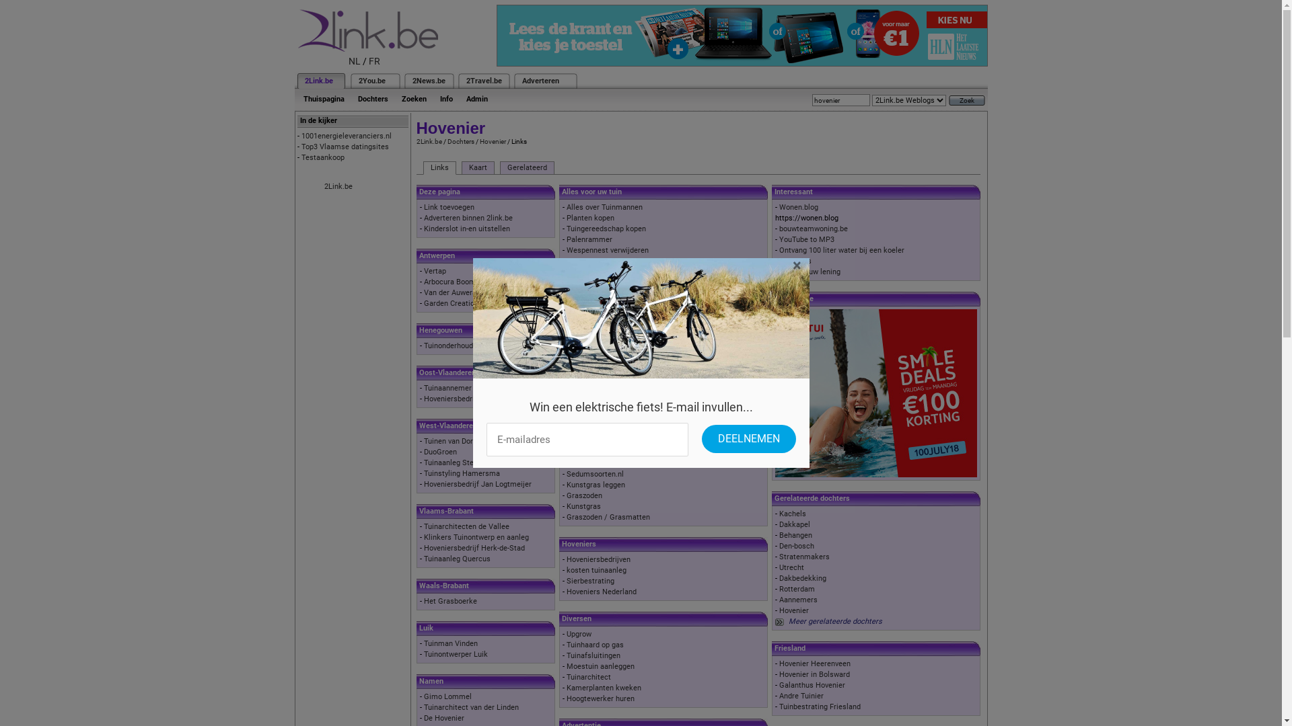 The width and height of the screenshot is (1292, 726). I want to click on 'Kinderslot in-en uitstellen', so click(467, 228).